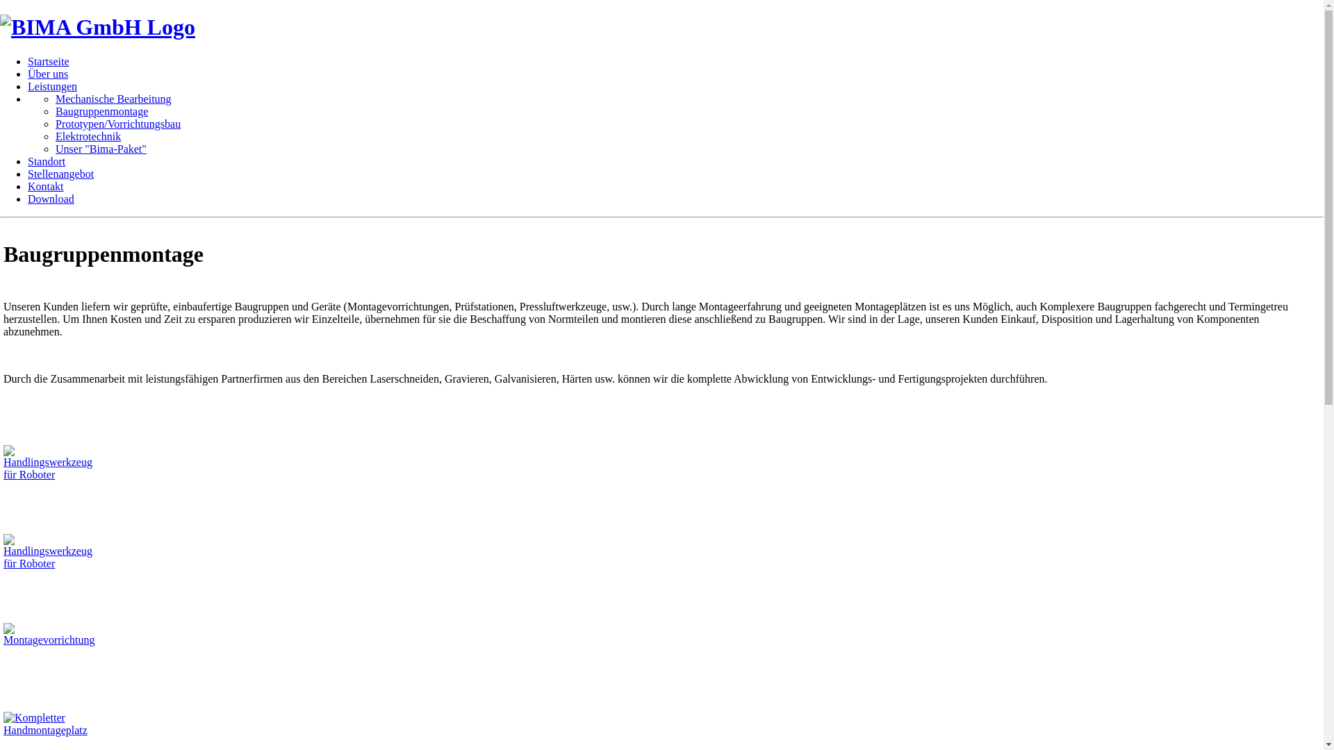 The image size is (1334, 750). What do you see at coordinates (47, 160) in the screenshot?
I see `'Standort'` at bounding box center [47, 160].